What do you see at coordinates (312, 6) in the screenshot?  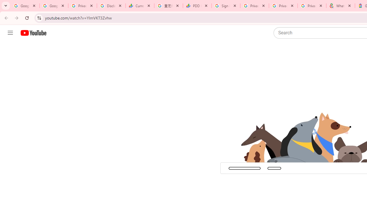 I see `'Privacy Checkup'` at bounding box center [312, 6].